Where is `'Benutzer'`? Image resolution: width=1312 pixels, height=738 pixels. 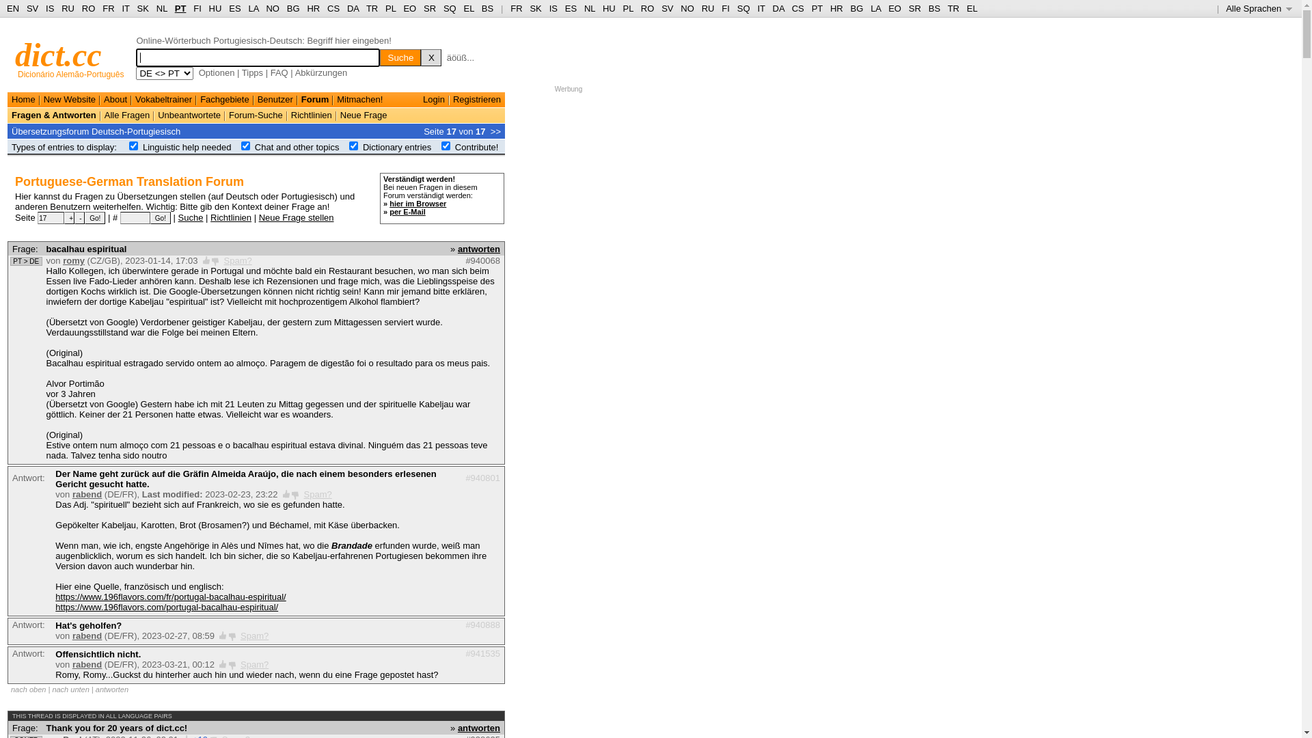 'Benutzer' is located at coordinates (275, 98).